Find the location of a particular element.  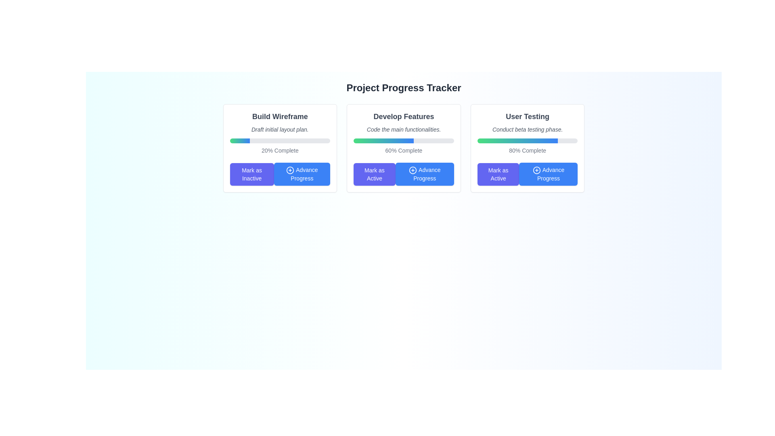

the first button under the 'Build Wireframe' section is located at coordinates (251, 174).